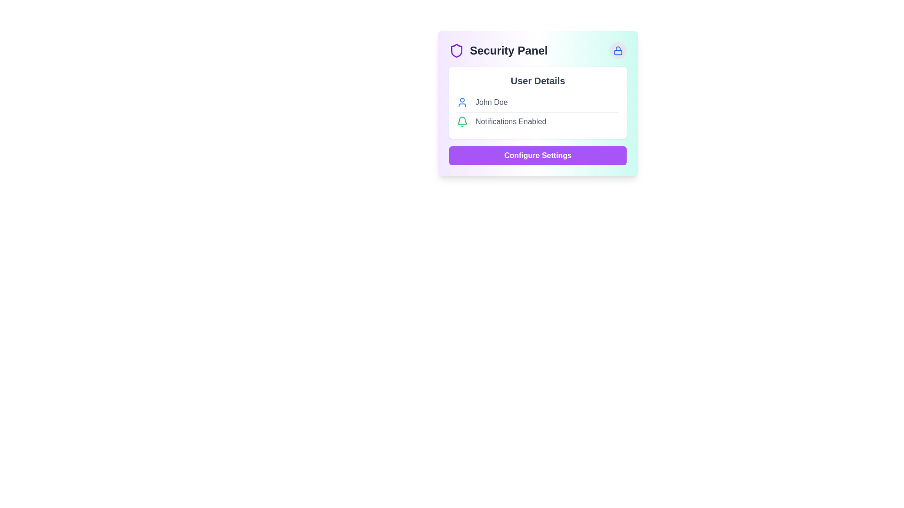  I want to click on the 'Security Panel' text label, which is displayed in bold and large dark gray font, located at the top of the card layout, so click(508, 51).